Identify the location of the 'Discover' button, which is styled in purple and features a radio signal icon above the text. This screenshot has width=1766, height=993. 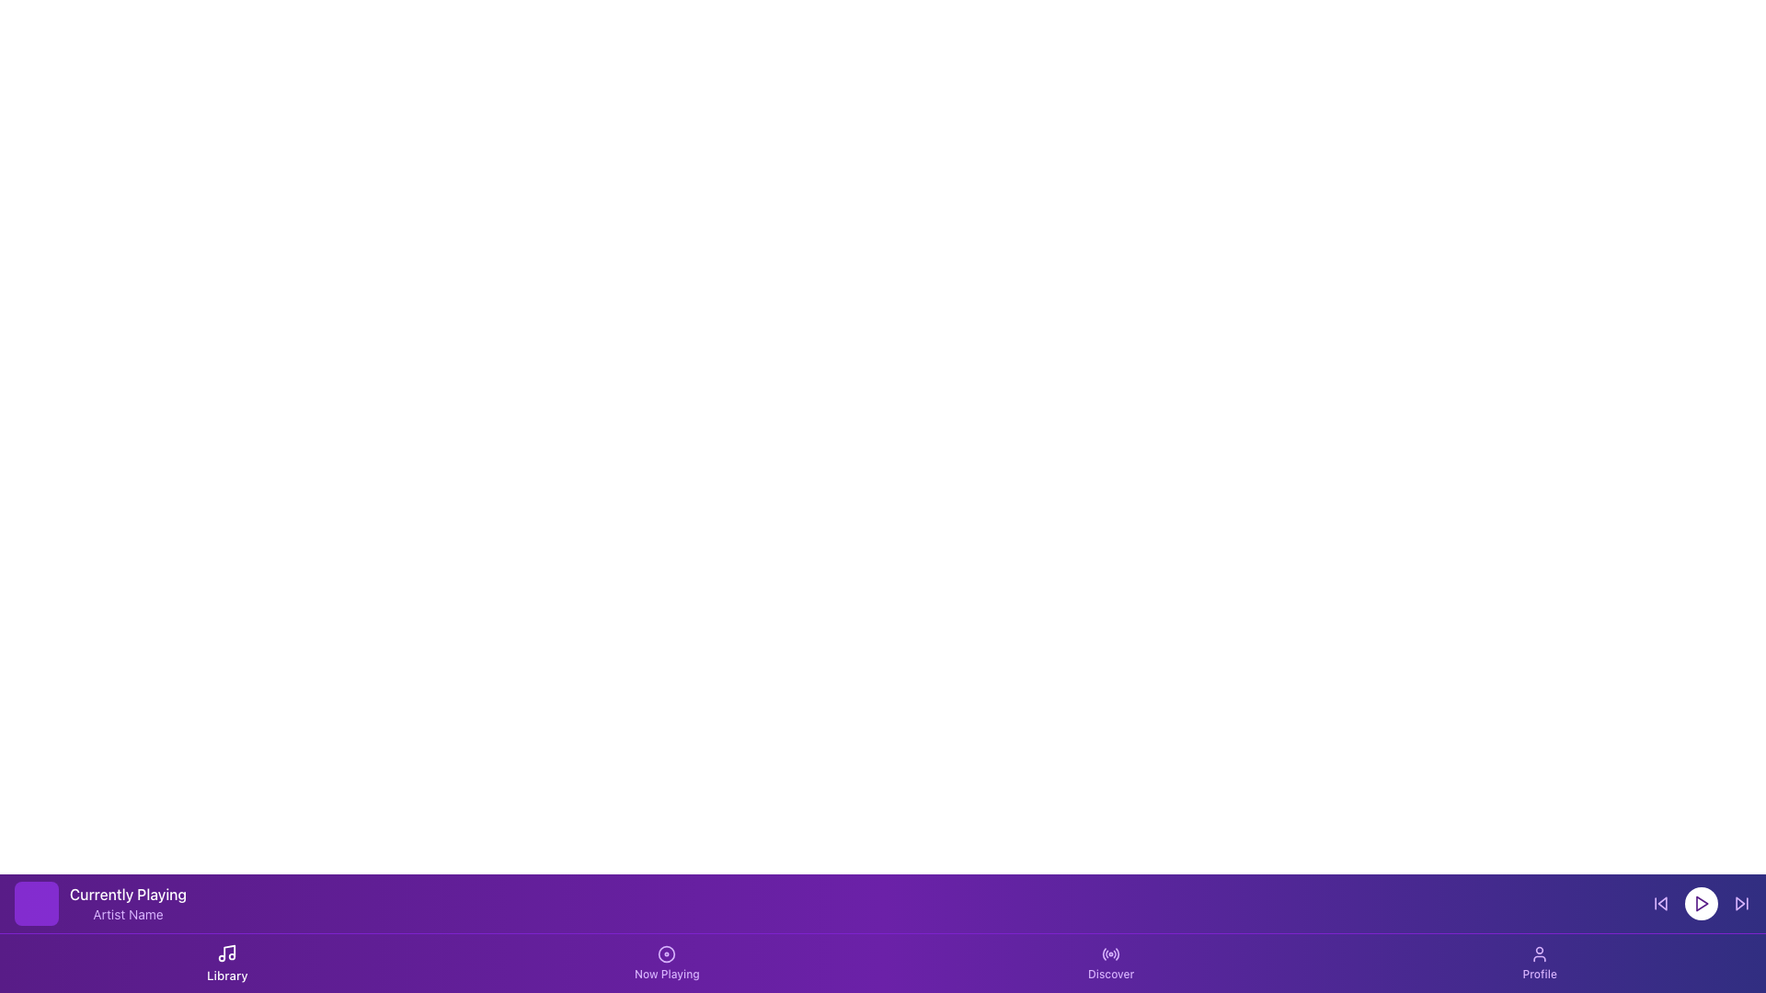
(1110, 963).